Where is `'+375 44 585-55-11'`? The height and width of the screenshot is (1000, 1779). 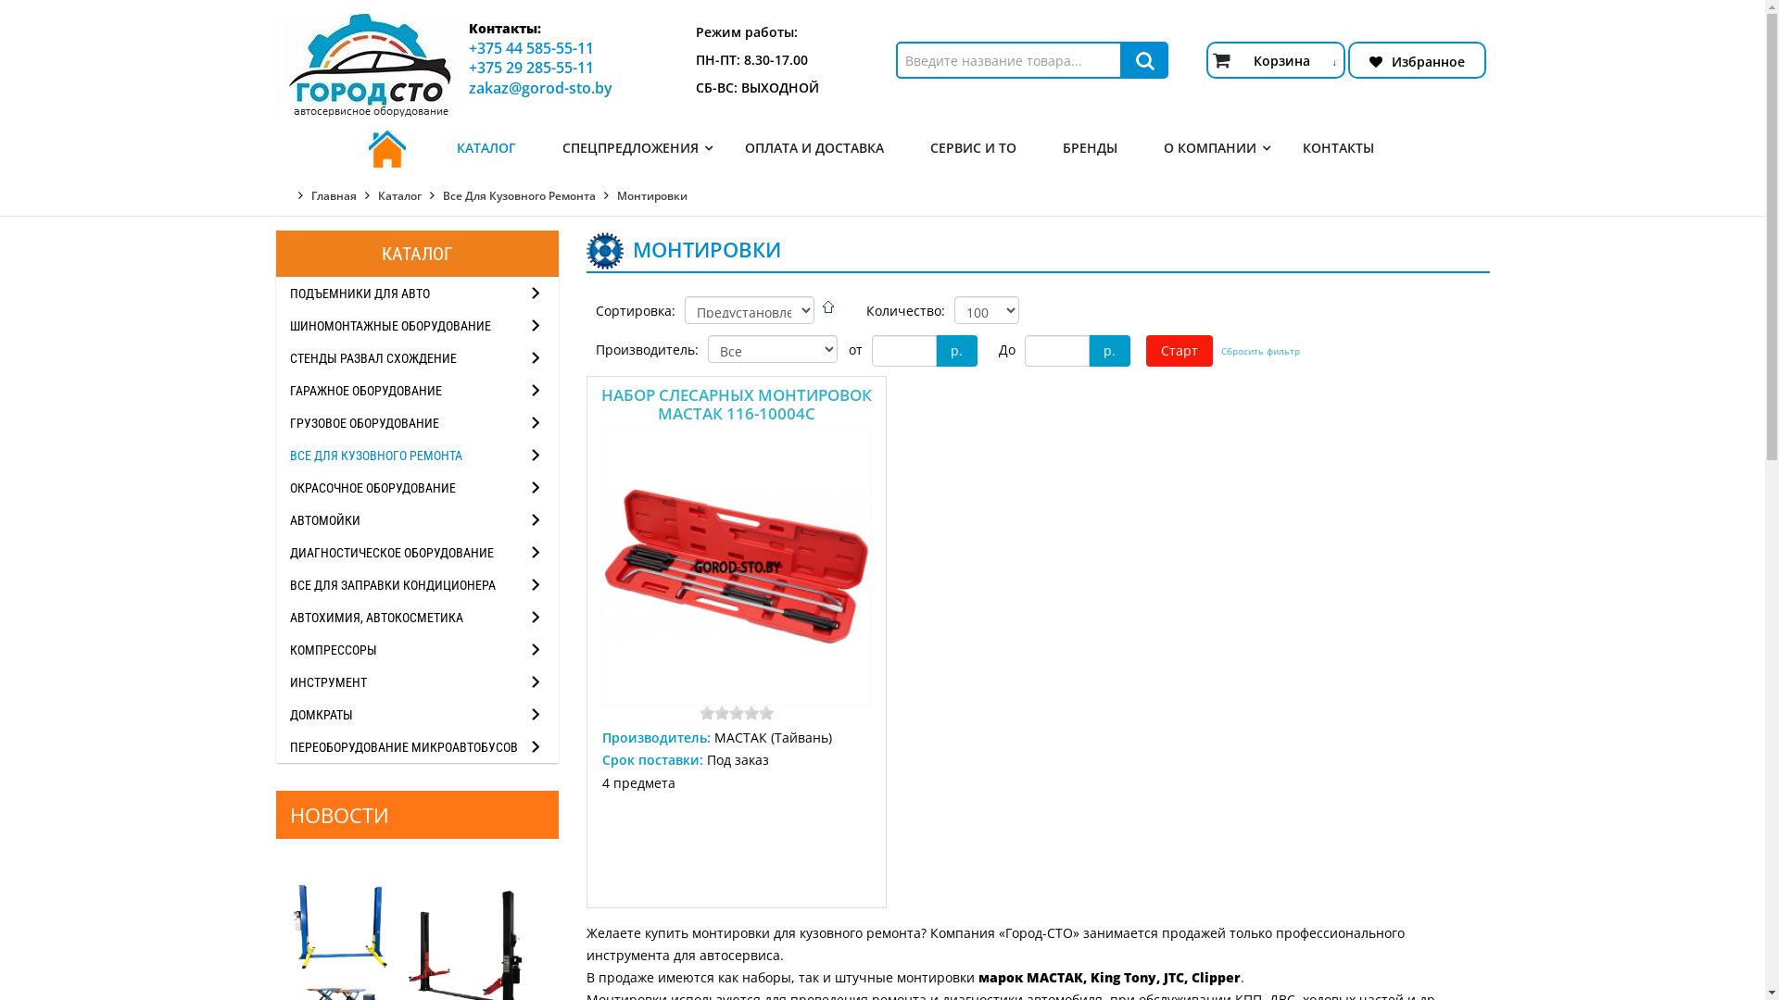 '+375 44 585-55-11' is located at coordinates (530, 45).